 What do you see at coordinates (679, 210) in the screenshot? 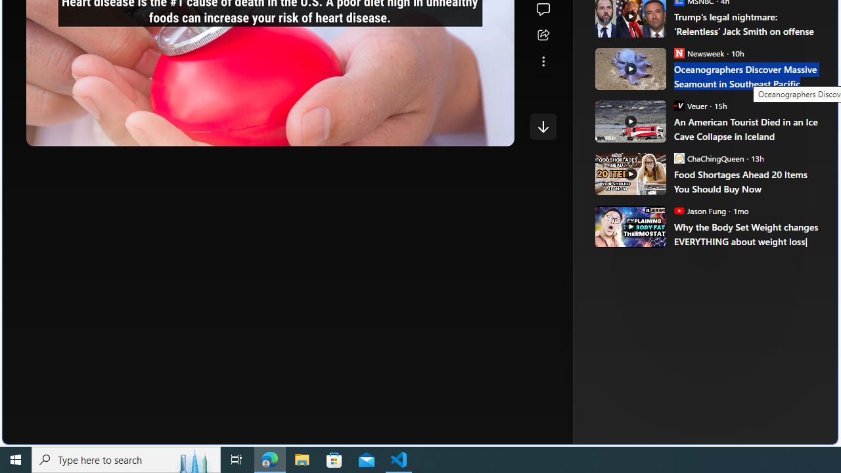
I see `'Jason Fung'` at bounding box center [679, 210].